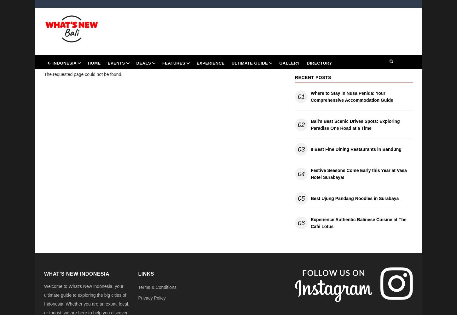 Image resolution: width=457 pixels, height=315 pixels. Describe the element at coordinates (241, 135) in the screenshot. I see `'Stay'` at that location.